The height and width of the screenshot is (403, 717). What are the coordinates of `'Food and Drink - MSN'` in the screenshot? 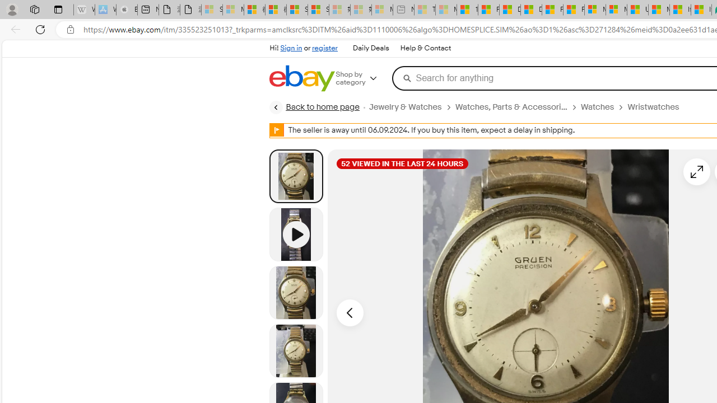 It's located at (488, 10).